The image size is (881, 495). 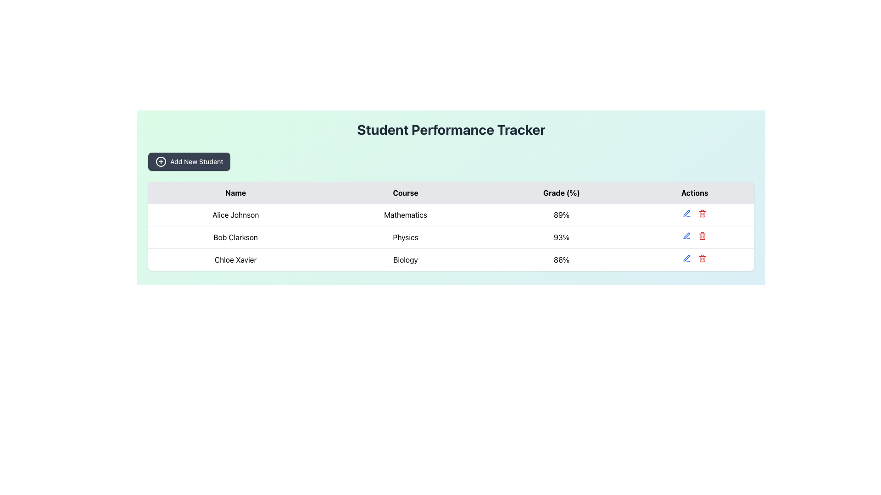 What do you see at coordinates (405, 215) in the screenshot?
I see `the text label displaying the course name for the student 'Alice Johnson', located in the second column of the corresponding row under the 'Course' header` at bounding box center [405, 215].